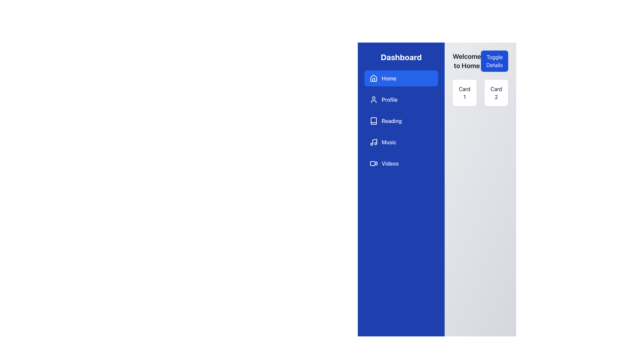 This screenshot has height=359, width=639. I want to click on the 'Reading' menu icon in the sidebar, which is part of the iconography that visually signifies the menu option for improved usability, so click(374, 121).